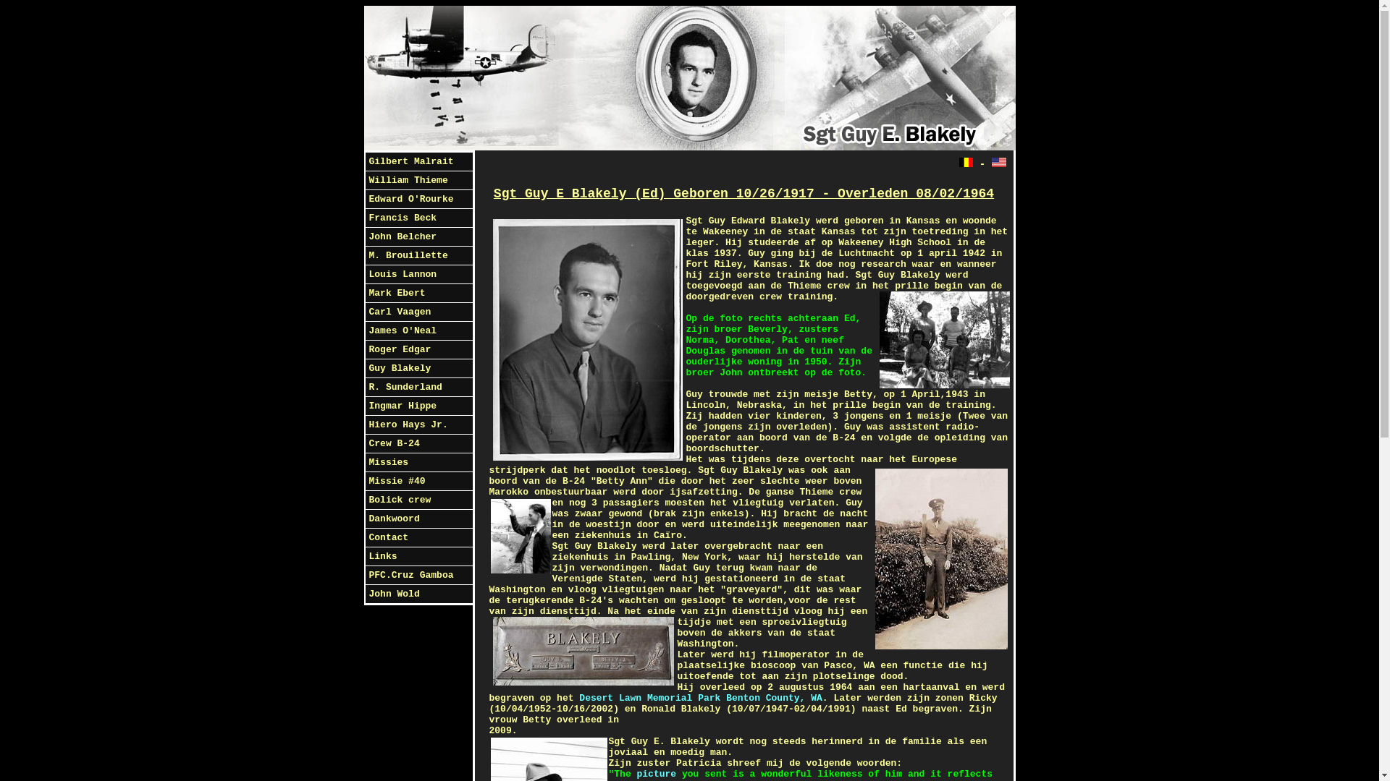 Image resolution: width=1390 pixels, height=781 pixels. I want to click on 'Ingmar Hippe', so click(417, 406).